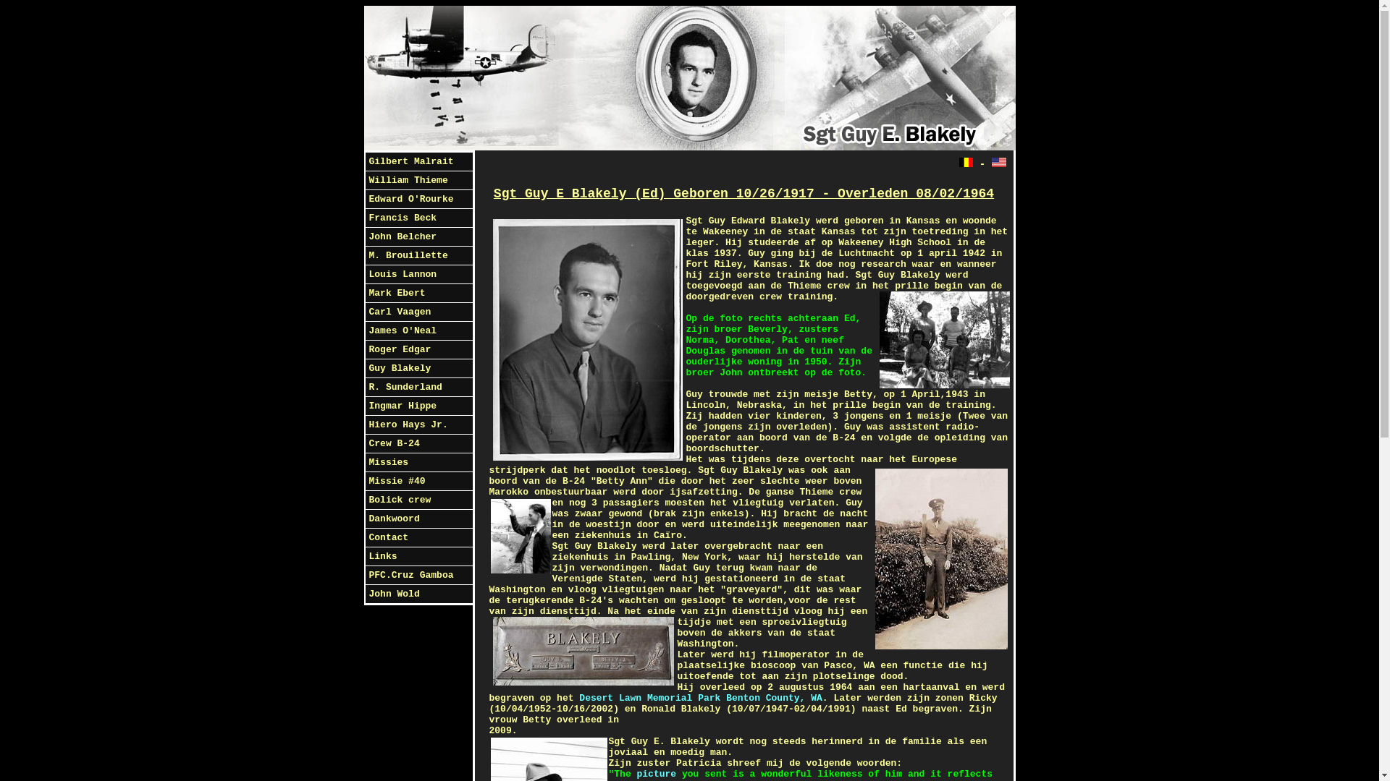 Image resolution: width=1390 pixels, height=781 pixels. I want to click on 'Ingmar Hippe', so click(417, 406).